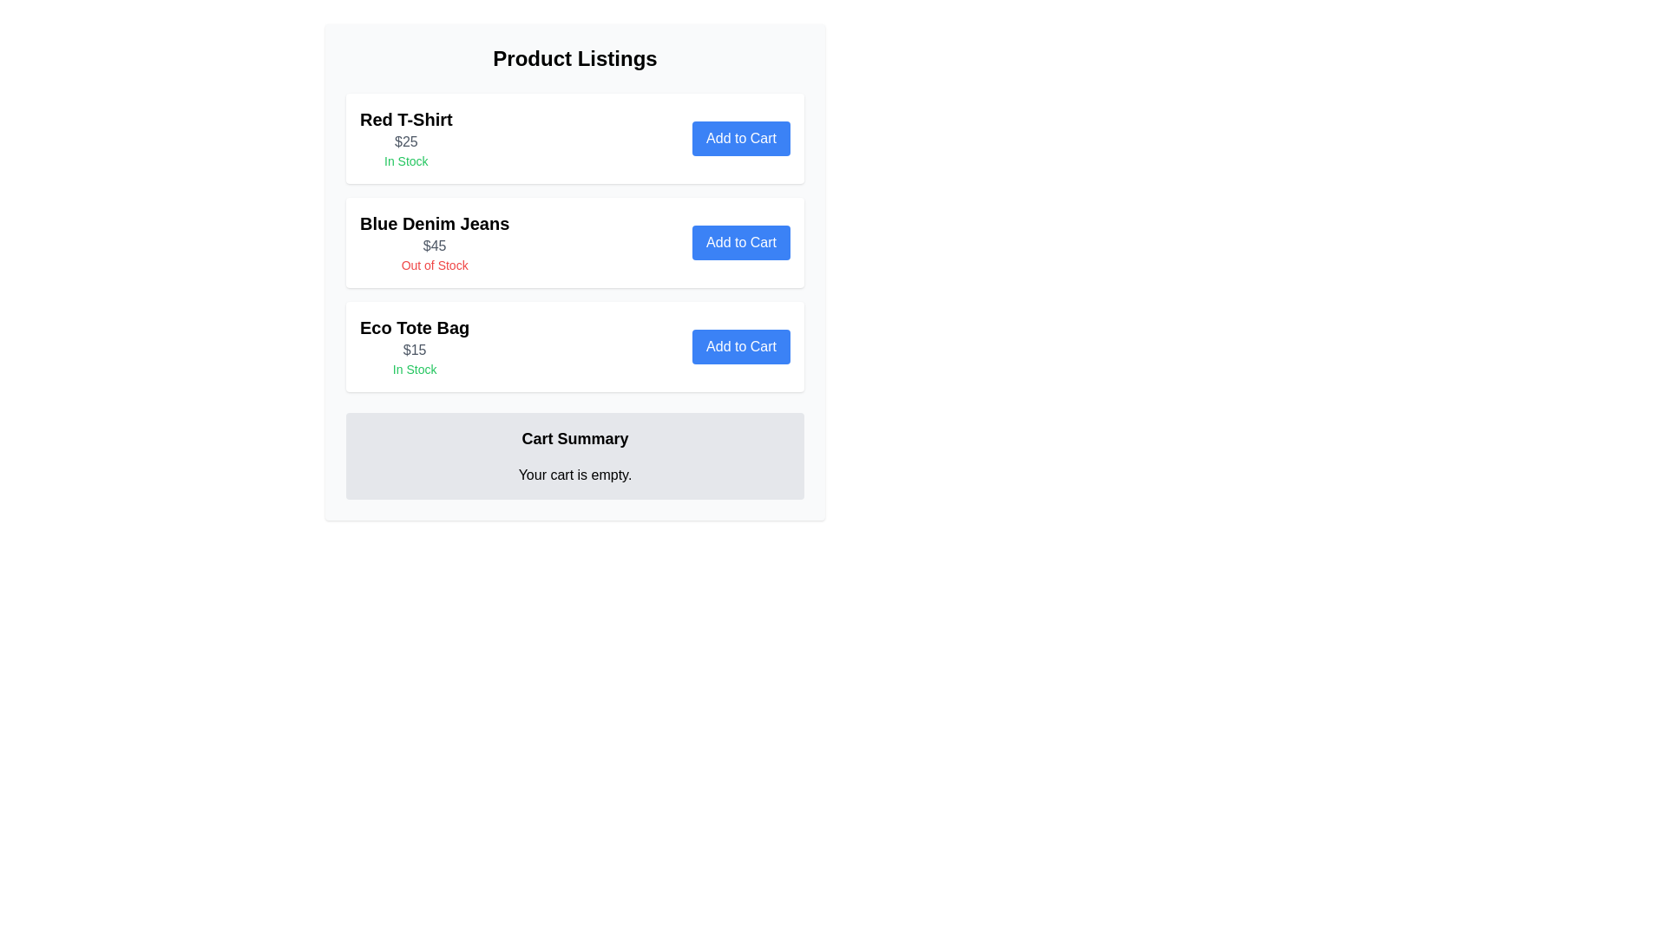 Image resolution: width=1666 pixels, height=937 pixels. Describe the element at coordinates (435, 265) in the screenshot. I see `text of the availability status label located under the price label '$45' for the 'Blue Denim Jeans' product tile, which indicates that the product is not currently available for purchase` at that location.